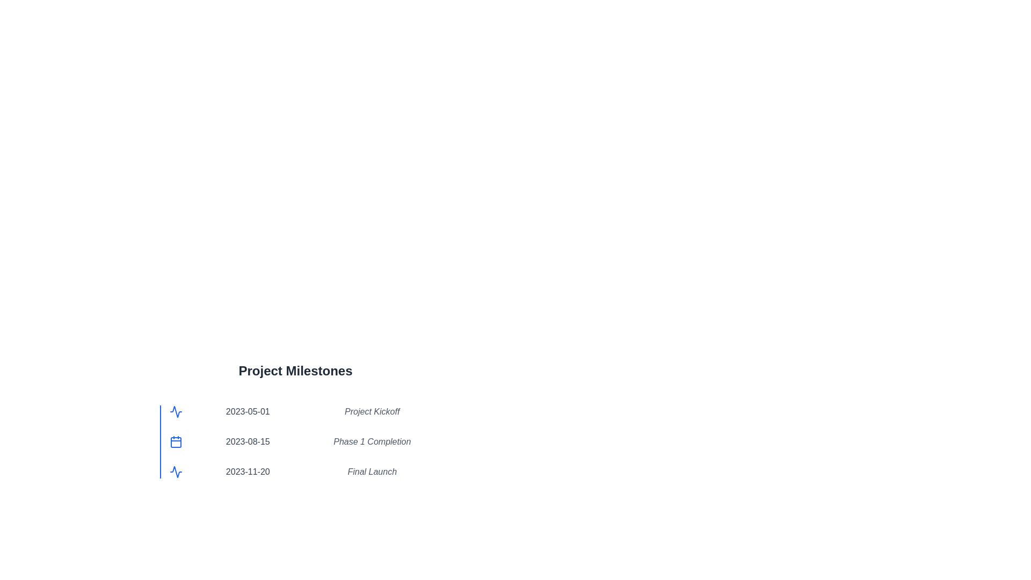 This screenshot has width=1031, height=580. Describe the element at coordinates (247, 411) in the screenshot. I see `the static text element displaying the date '2023-05-01', which is positioned between a waveform icon and the text 'Project Kickoff' in the 'Project Milestones' section` at that location.